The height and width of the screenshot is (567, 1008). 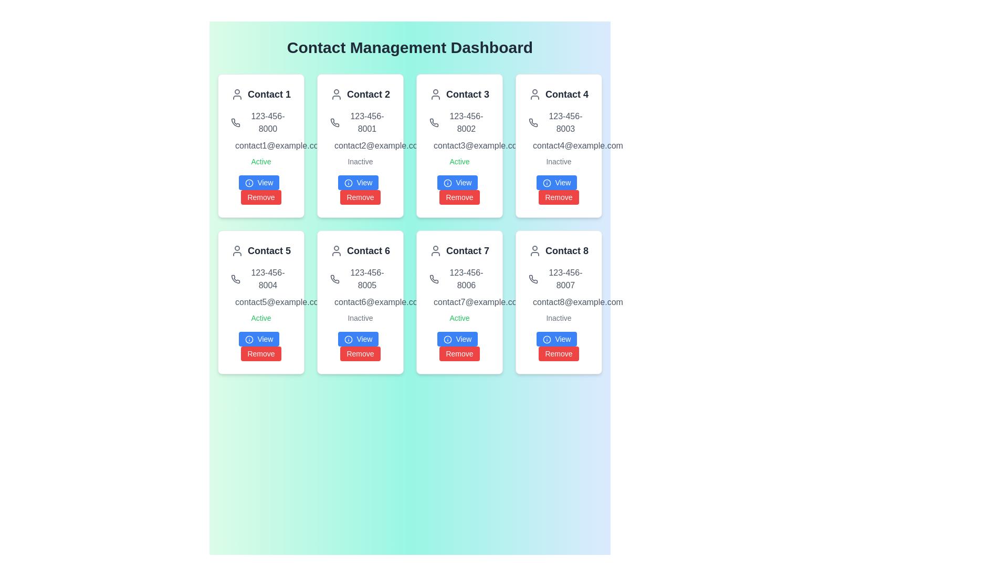 I want to click on the red 'Remove' button with white text located at the bottom of the Contact 3 card, so click(x=459, y=190).